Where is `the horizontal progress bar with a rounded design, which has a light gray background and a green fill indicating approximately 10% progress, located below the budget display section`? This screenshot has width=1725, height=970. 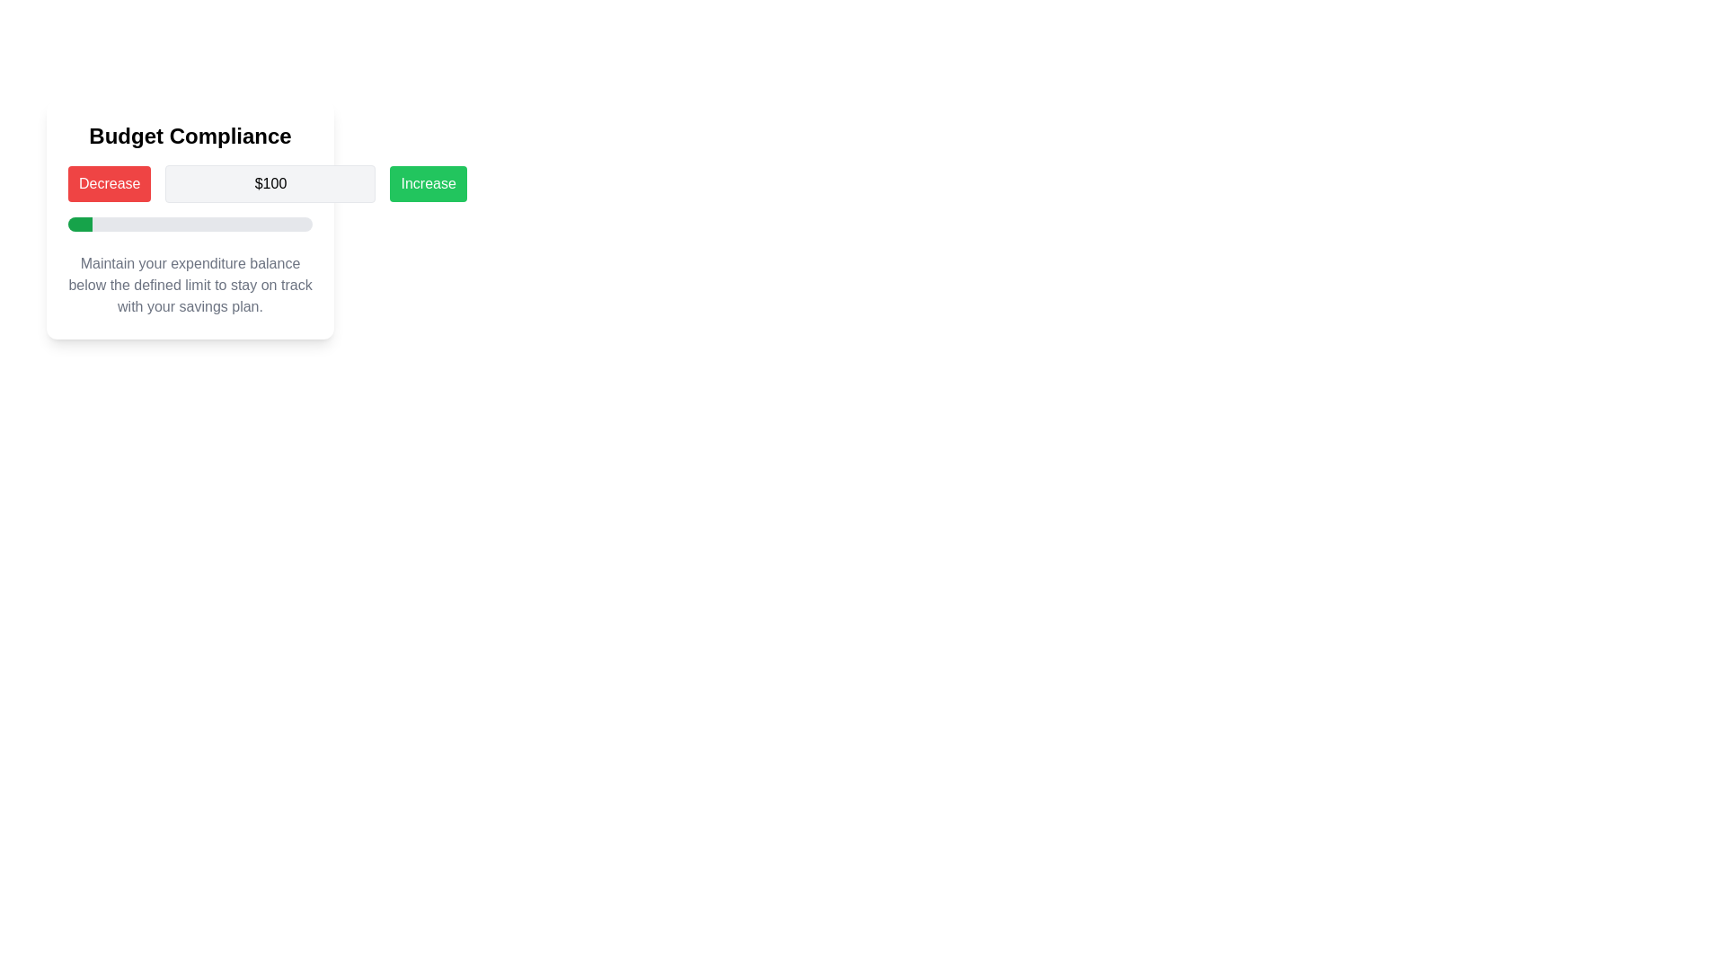
the horizontal progress bar with a rounded design, which has a light gray background and a green fill indicating approximately 10% progress, located below the budget display section is located at coordinates (190, 224).